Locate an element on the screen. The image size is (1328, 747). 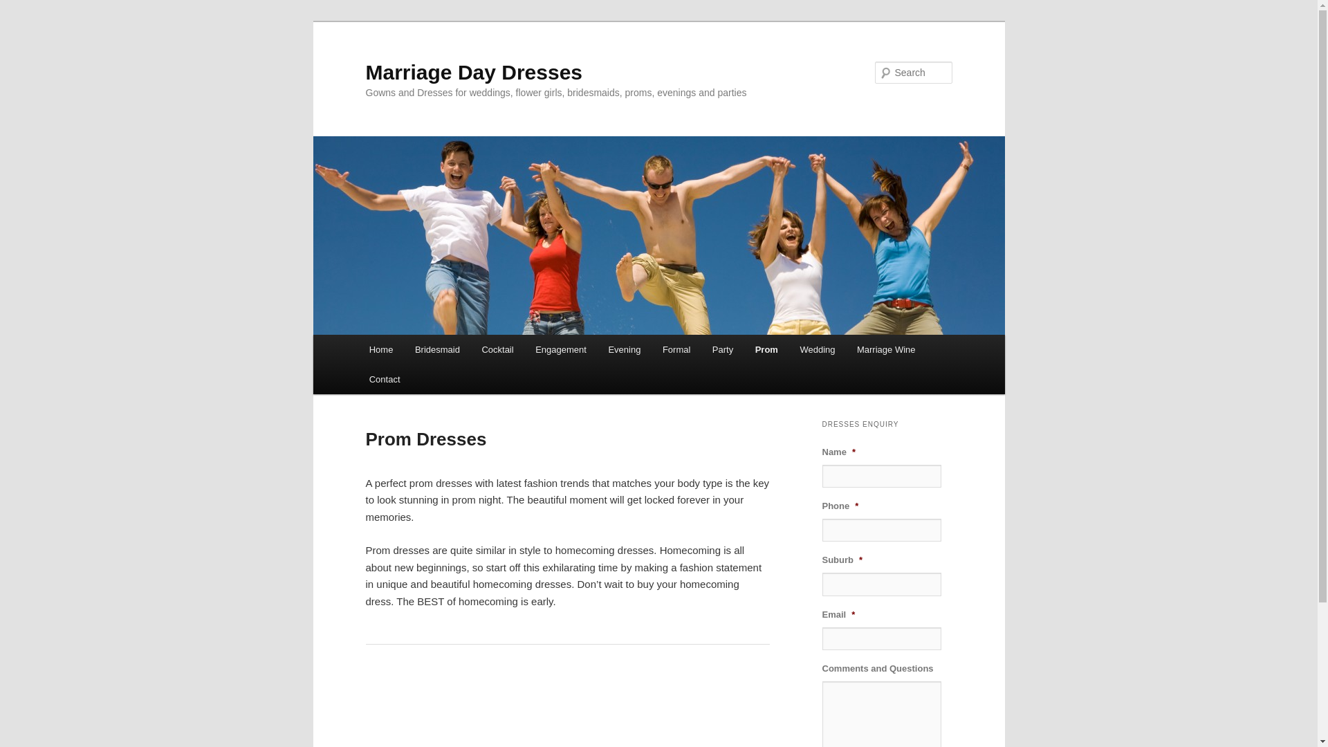
'Bridesmaid' is located at coordinates (436, 349).